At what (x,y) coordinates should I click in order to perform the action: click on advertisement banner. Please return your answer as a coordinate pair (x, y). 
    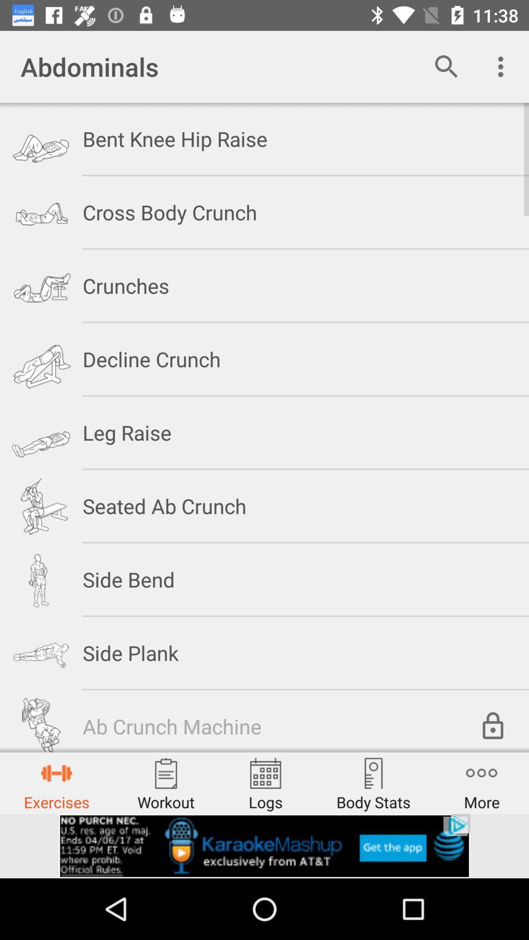
    Looking at the image, I should click on (264, 846).